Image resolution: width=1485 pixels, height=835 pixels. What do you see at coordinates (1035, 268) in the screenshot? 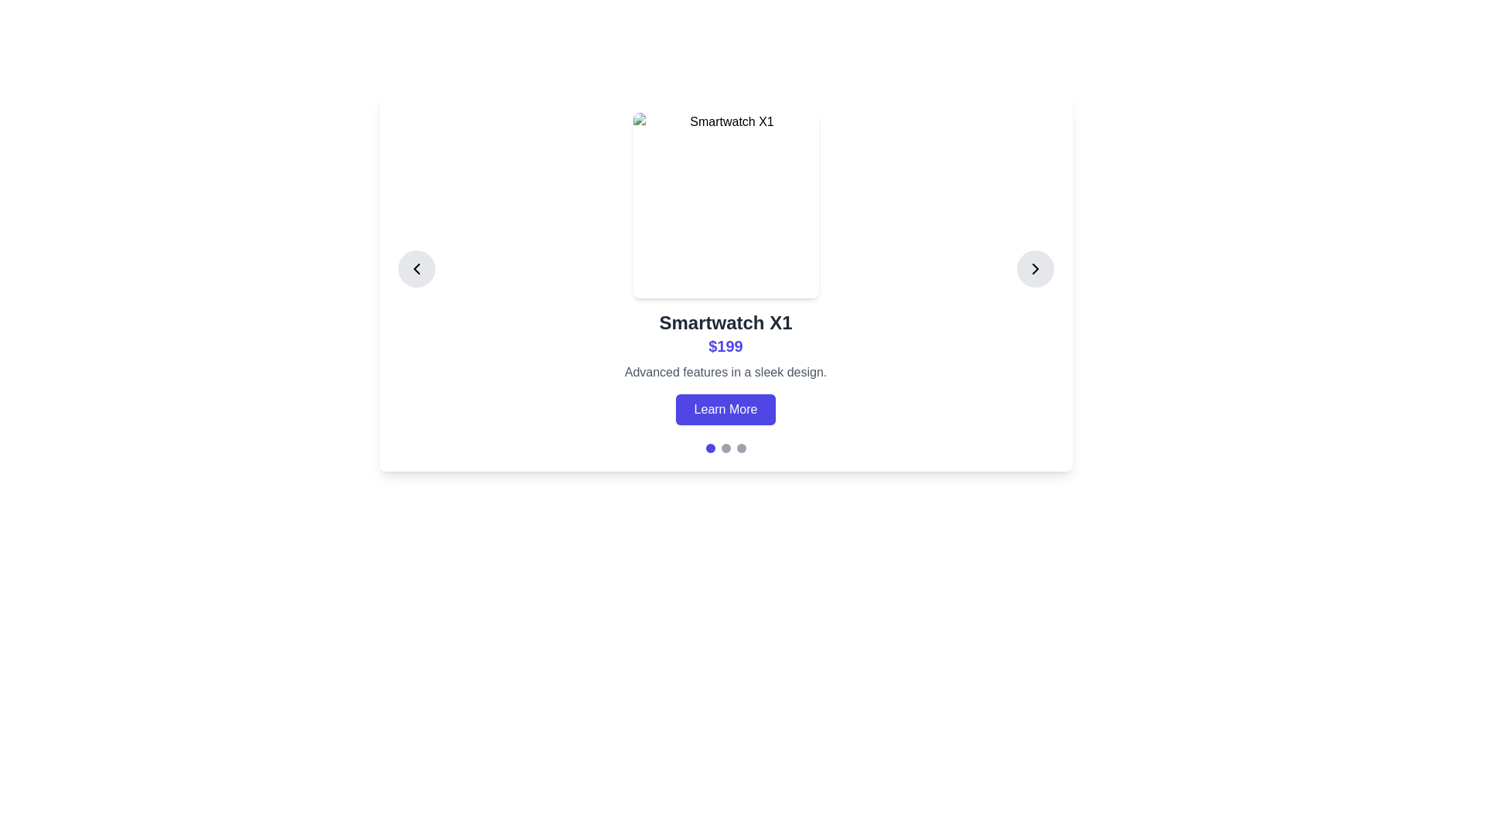
I see `the 'Next' button located at the right side of the carousel` at bounding box center [1035, 268].